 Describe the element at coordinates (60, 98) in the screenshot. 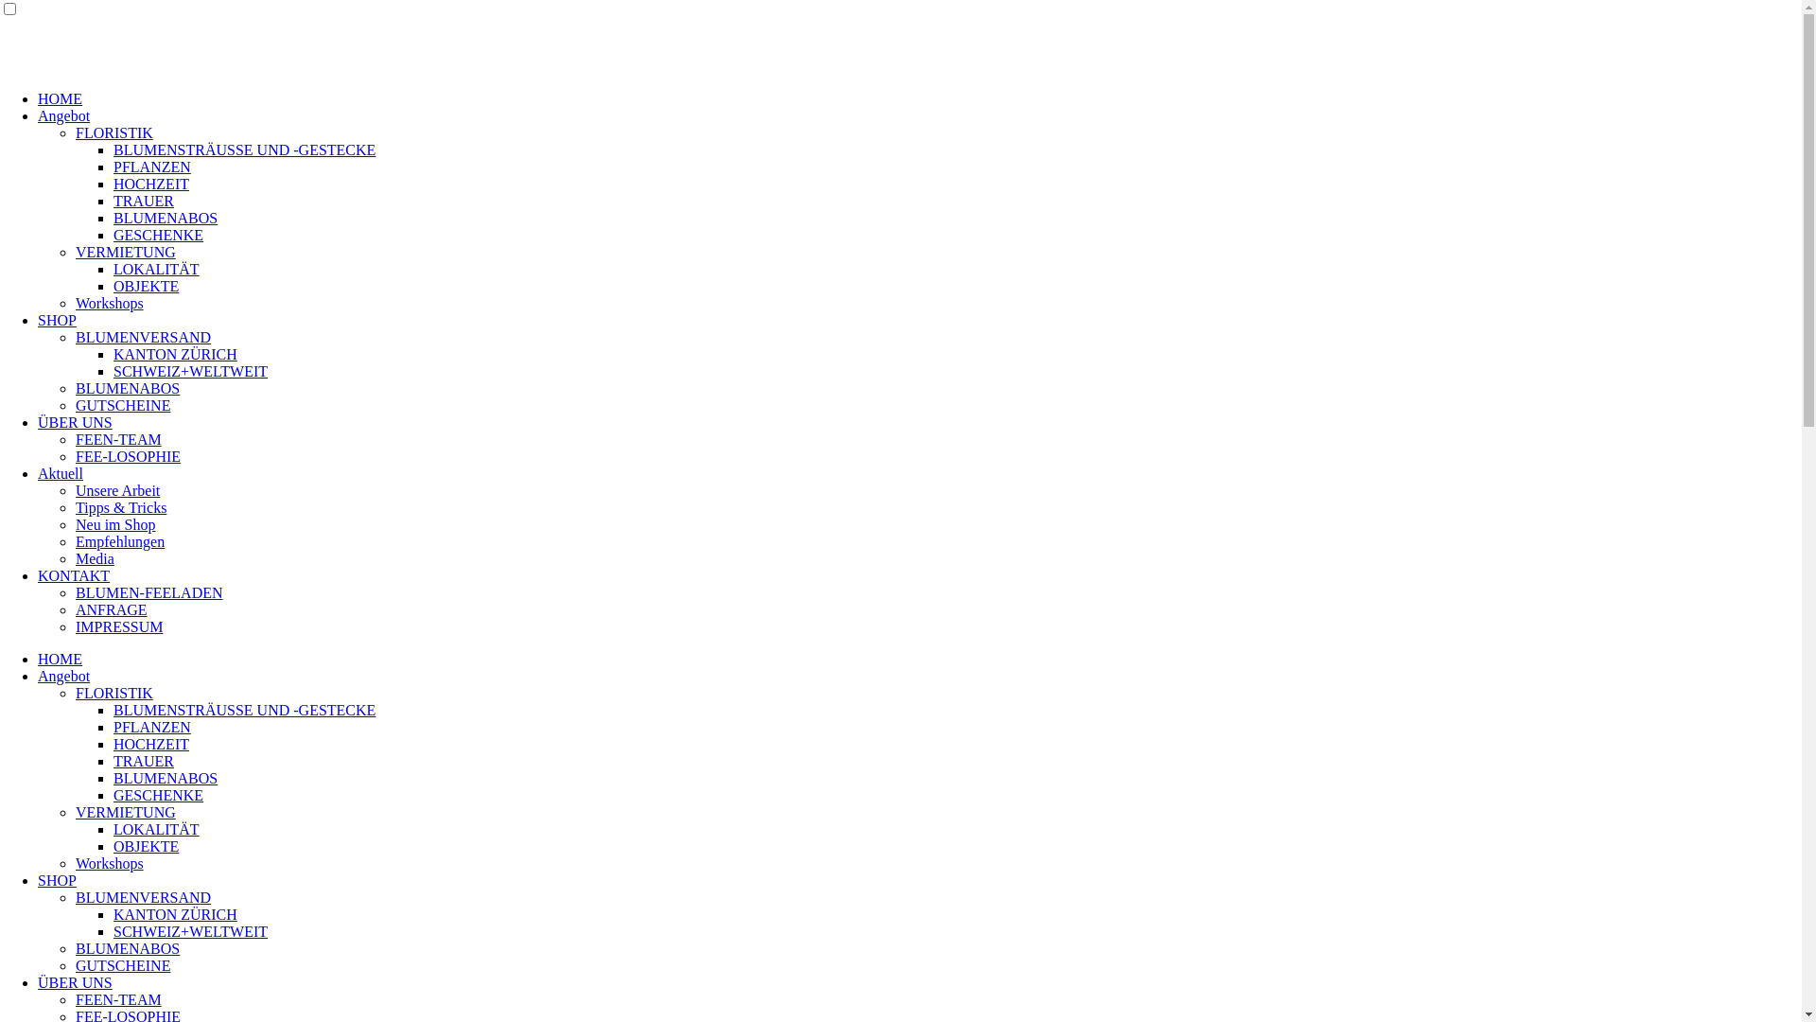

I see `'HOME'` at that location.